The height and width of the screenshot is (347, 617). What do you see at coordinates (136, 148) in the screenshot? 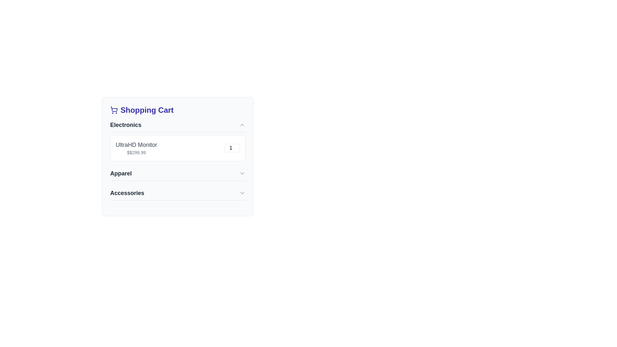
I see `the 'UltraHD Monitor' text label, which displays the title in a larger gray font and the price '$$299.99' in a smaller lighter gray font, located in the upper left section of the 'Electronics' section in the shopping cart interface` at bounding box center [136, 148].